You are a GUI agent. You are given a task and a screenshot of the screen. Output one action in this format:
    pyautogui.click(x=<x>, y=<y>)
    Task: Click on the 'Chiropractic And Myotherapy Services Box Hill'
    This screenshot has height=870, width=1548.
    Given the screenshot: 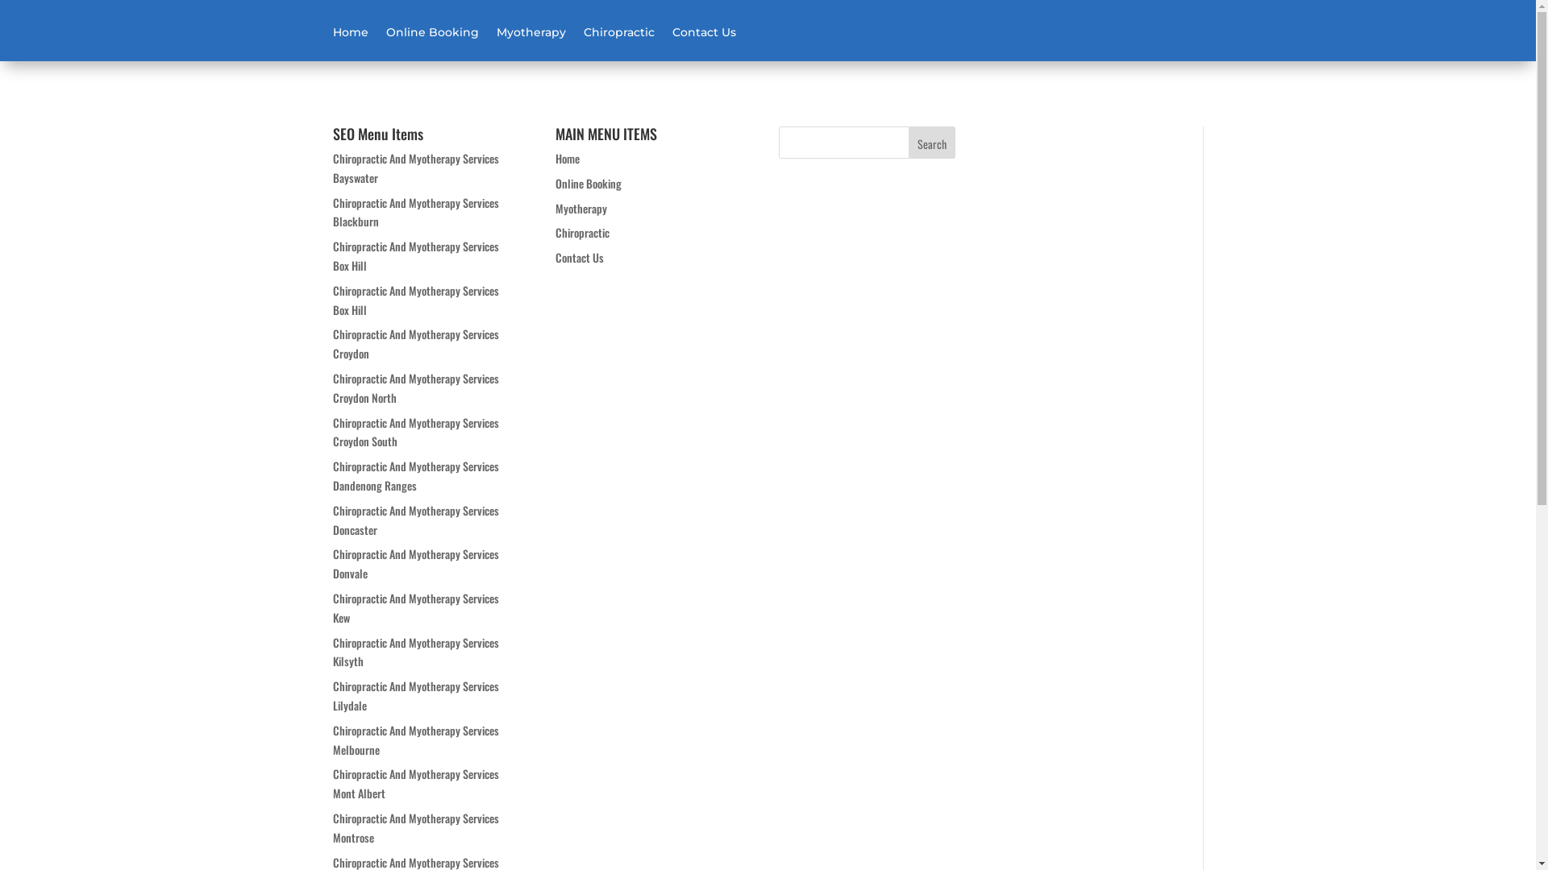 What is the action you would take?
    pyautogui.click(x=414, y=255)
    